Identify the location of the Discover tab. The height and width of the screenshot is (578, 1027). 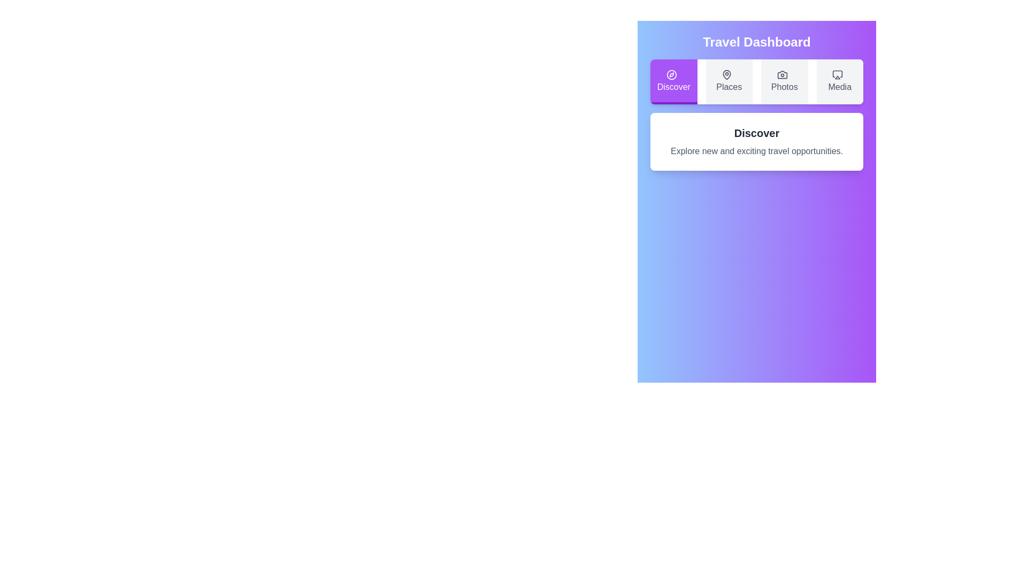
(673, 81).